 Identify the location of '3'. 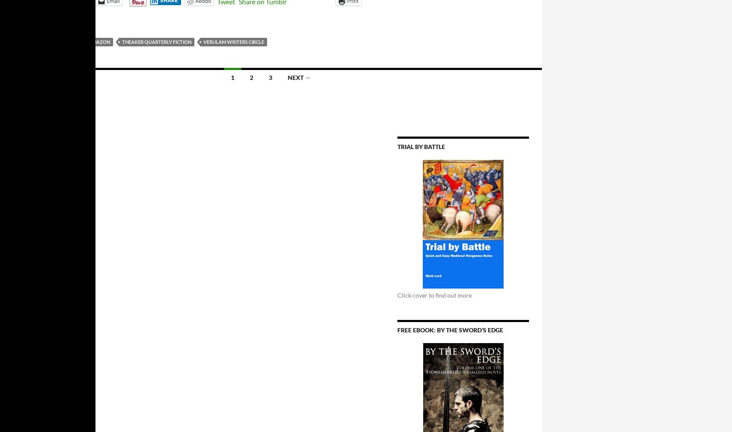
(270, 77).